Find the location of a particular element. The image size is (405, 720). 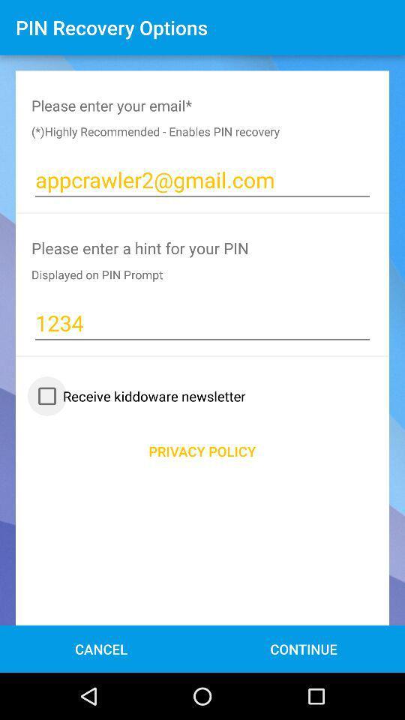

the cancel is located at coordinates (101, 648).